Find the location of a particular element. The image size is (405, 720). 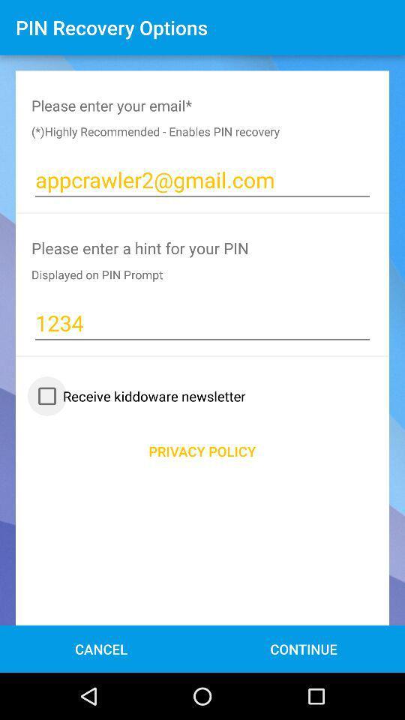

the cancel is located at coordinates (101, 648).